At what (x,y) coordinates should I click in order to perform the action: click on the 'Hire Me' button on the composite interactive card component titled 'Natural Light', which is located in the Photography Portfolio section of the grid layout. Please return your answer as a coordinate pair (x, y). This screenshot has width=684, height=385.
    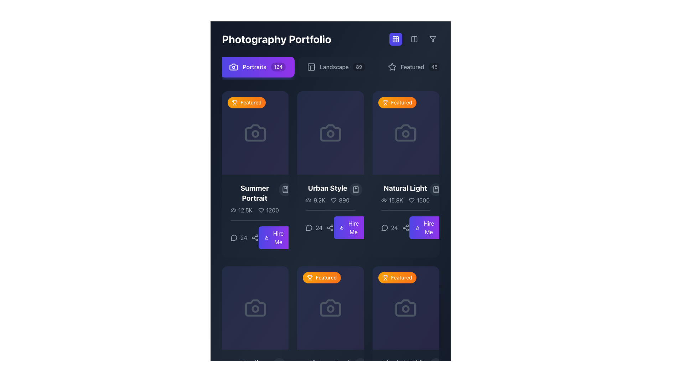
    Looking at the image, I should click on (406, 211).